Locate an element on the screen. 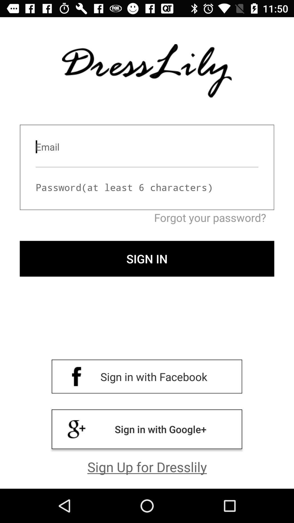  input password is located at coordinates (147, 187).